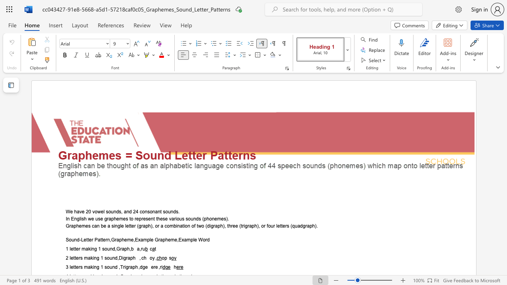 This screenshot has width=507, height=285. Describe the element at coordinates (79, 218) in the screenshot. I see `the subset text "lish we use graphemes to represent these v" within the text "In English we use graphemes to represent these various sounds (phonemes)."` at that location.